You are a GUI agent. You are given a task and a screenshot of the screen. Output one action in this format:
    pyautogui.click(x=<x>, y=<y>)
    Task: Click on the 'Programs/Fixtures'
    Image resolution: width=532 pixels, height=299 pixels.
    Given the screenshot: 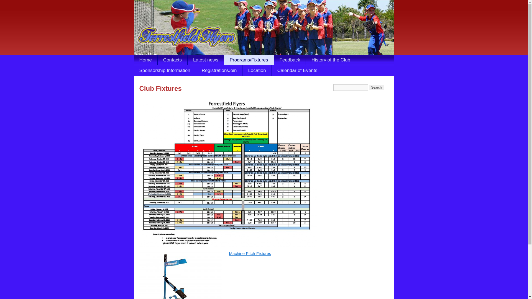 What is the action you would take?
    pyautogui.click(x=249, y=60)
    